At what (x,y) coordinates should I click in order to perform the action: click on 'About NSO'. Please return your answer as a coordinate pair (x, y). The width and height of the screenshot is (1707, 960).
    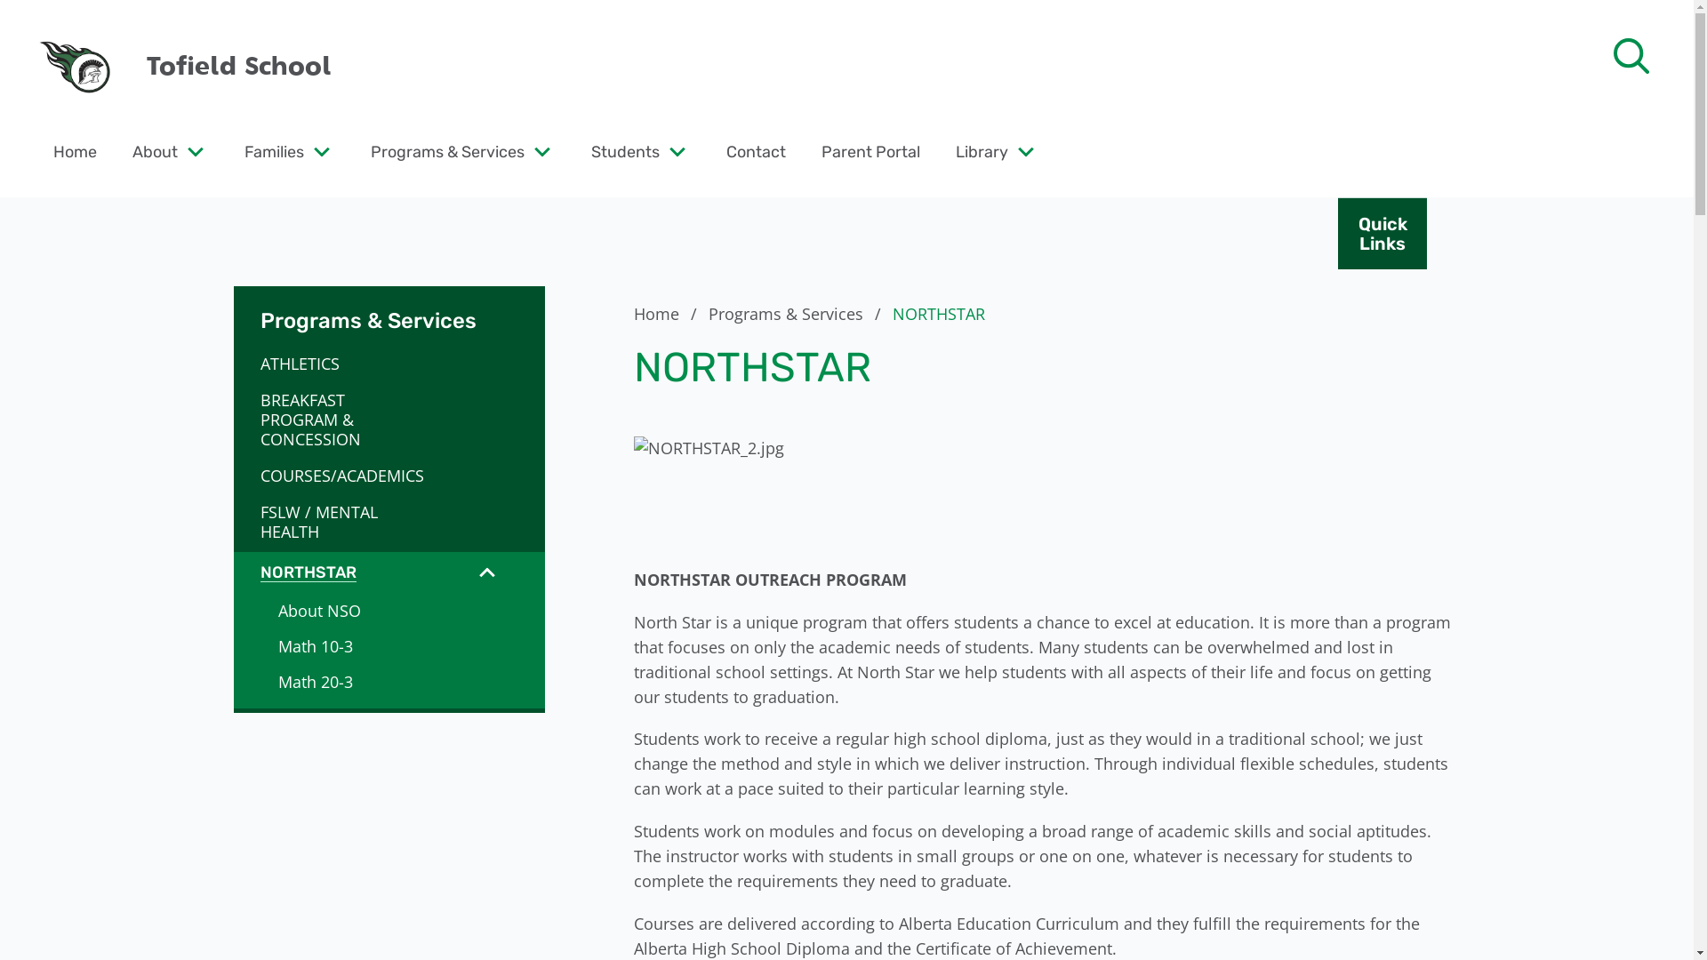
    Looking at the image, I should click on (387, 609).